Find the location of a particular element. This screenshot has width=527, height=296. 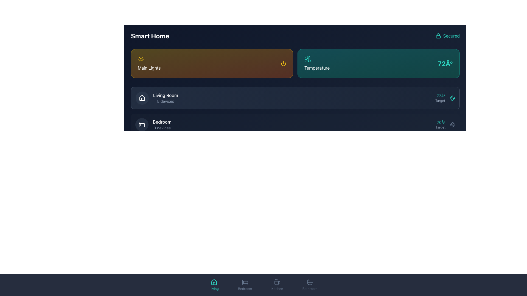

the temperature display showing '72Â°' in teal text above the word 'Target' in light gray, located in the Living Room section of the interface is located at coordinates (445, 98).